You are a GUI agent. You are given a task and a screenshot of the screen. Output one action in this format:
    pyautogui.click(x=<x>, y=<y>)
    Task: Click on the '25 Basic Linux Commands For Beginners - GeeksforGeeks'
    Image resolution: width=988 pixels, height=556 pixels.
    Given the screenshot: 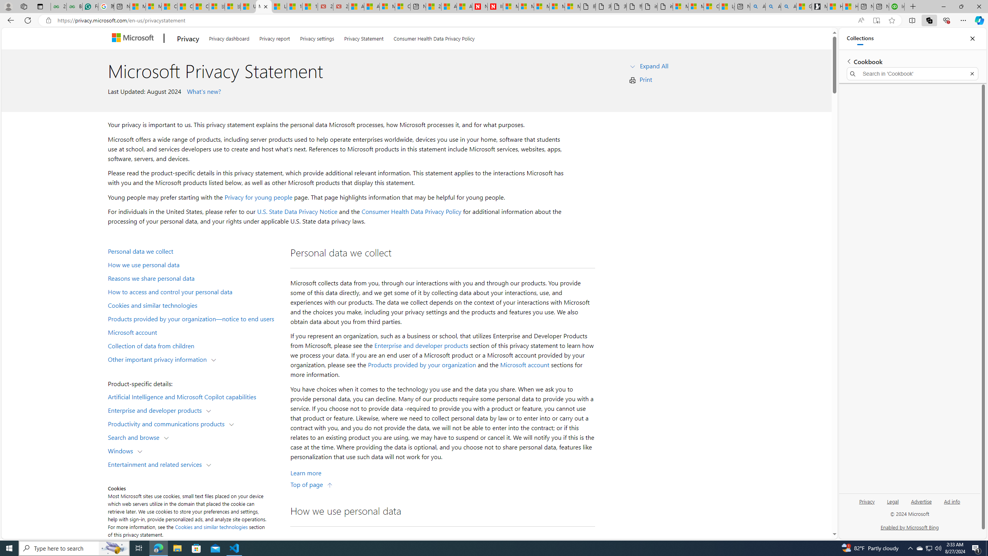 What is the action you would take?
    pyautogui.click(x=58, y=6)
    